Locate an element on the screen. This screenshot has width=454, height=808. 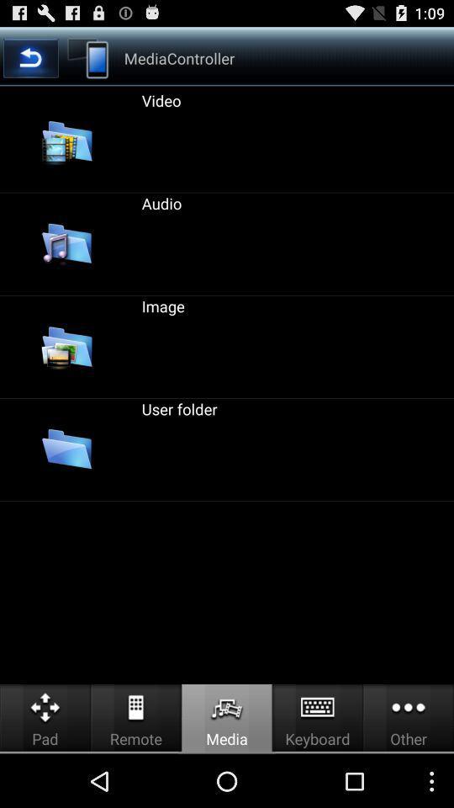
the add icon is located at coordinates (413, 61).